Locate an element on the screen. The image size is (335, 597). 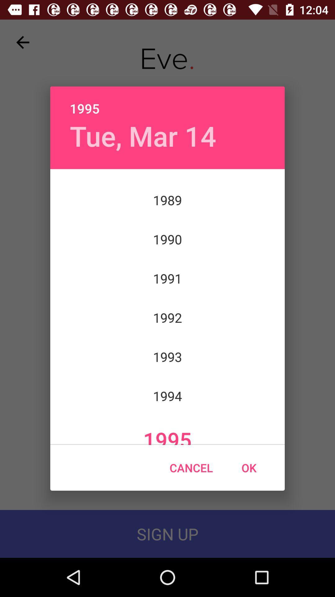
the ok is located at coordinates (248, 468).